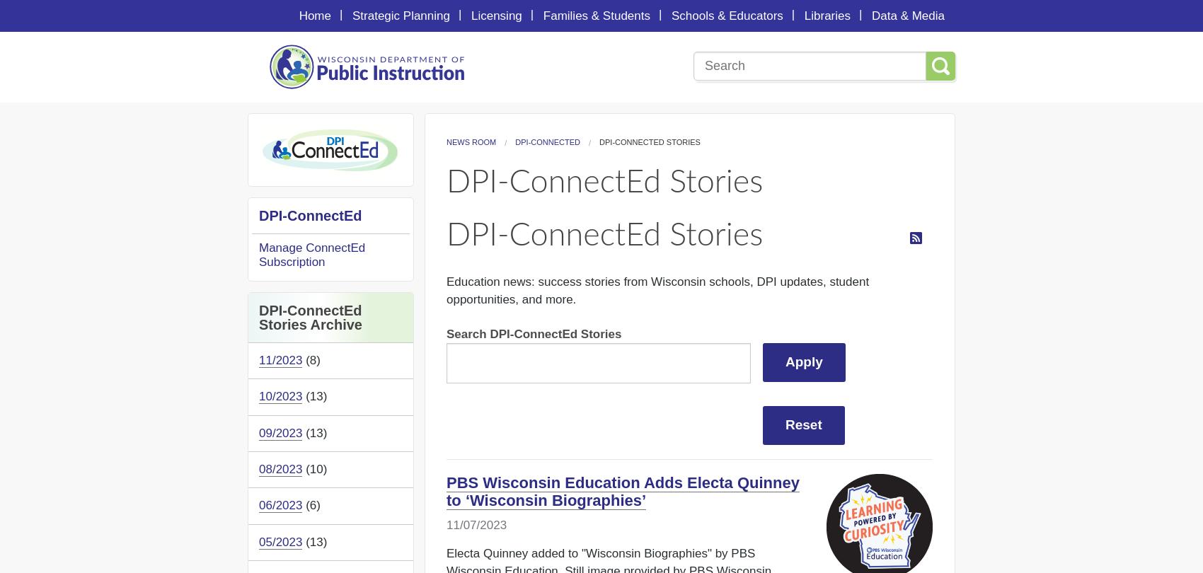  Describe the element at coordinates (280, 504) in the screenshot. I see `'06/2023'` at that location.